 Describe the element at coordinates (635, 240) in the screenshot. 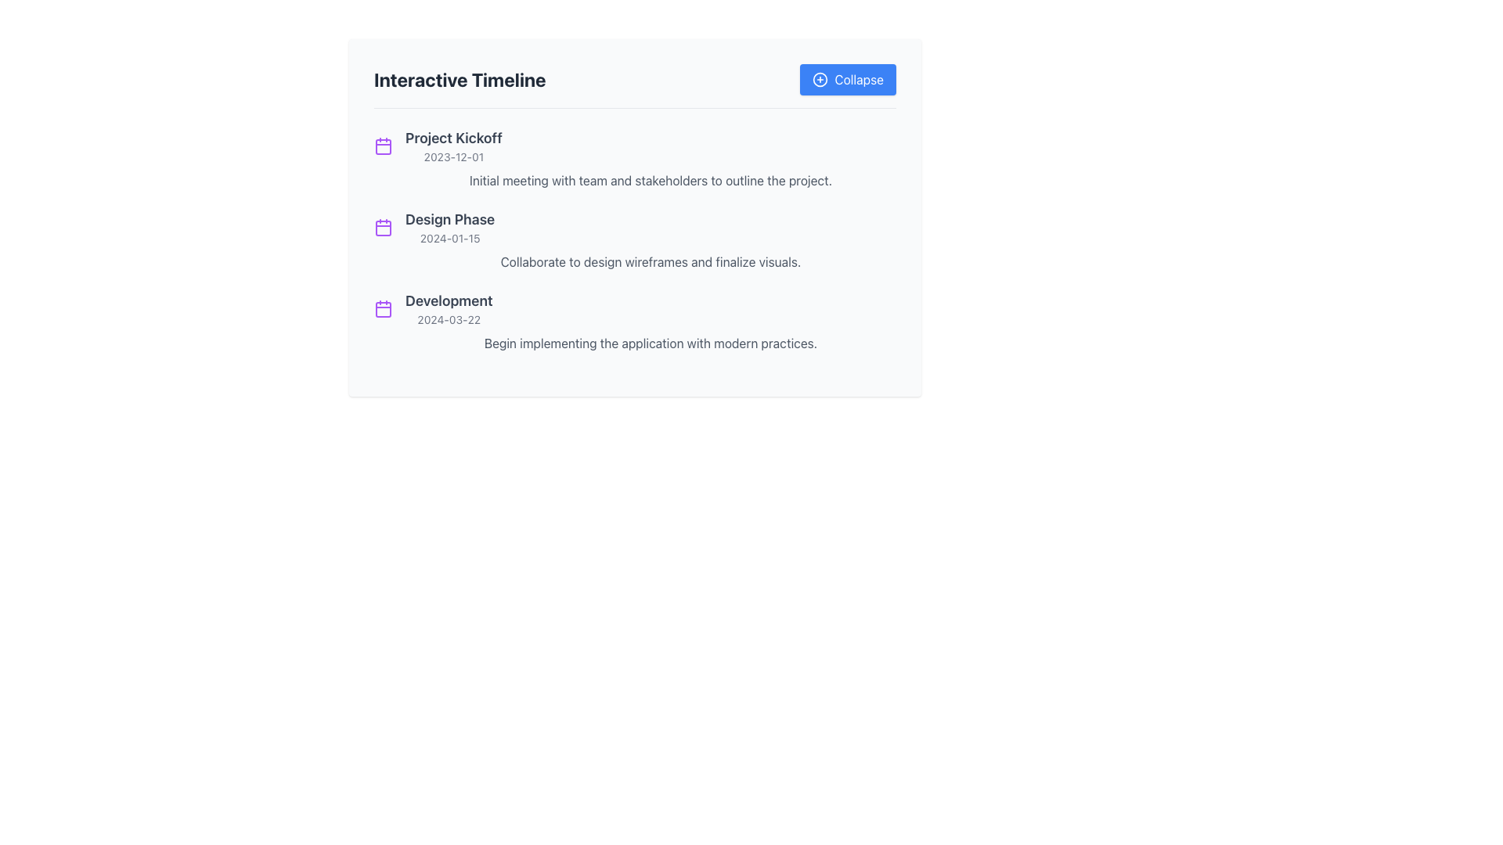

I see `contents of the second entry in the project timeline, located between 'Project Kickoff' and 'Development'` at that location.